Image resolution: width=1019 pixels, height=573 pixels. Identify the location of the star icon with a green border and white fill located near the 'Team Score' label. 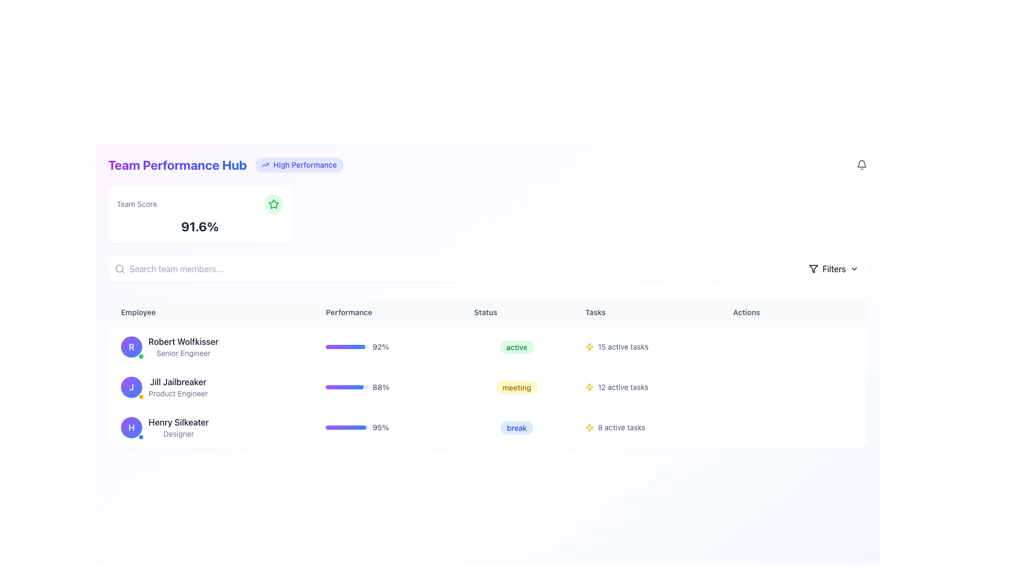
(273, 204).